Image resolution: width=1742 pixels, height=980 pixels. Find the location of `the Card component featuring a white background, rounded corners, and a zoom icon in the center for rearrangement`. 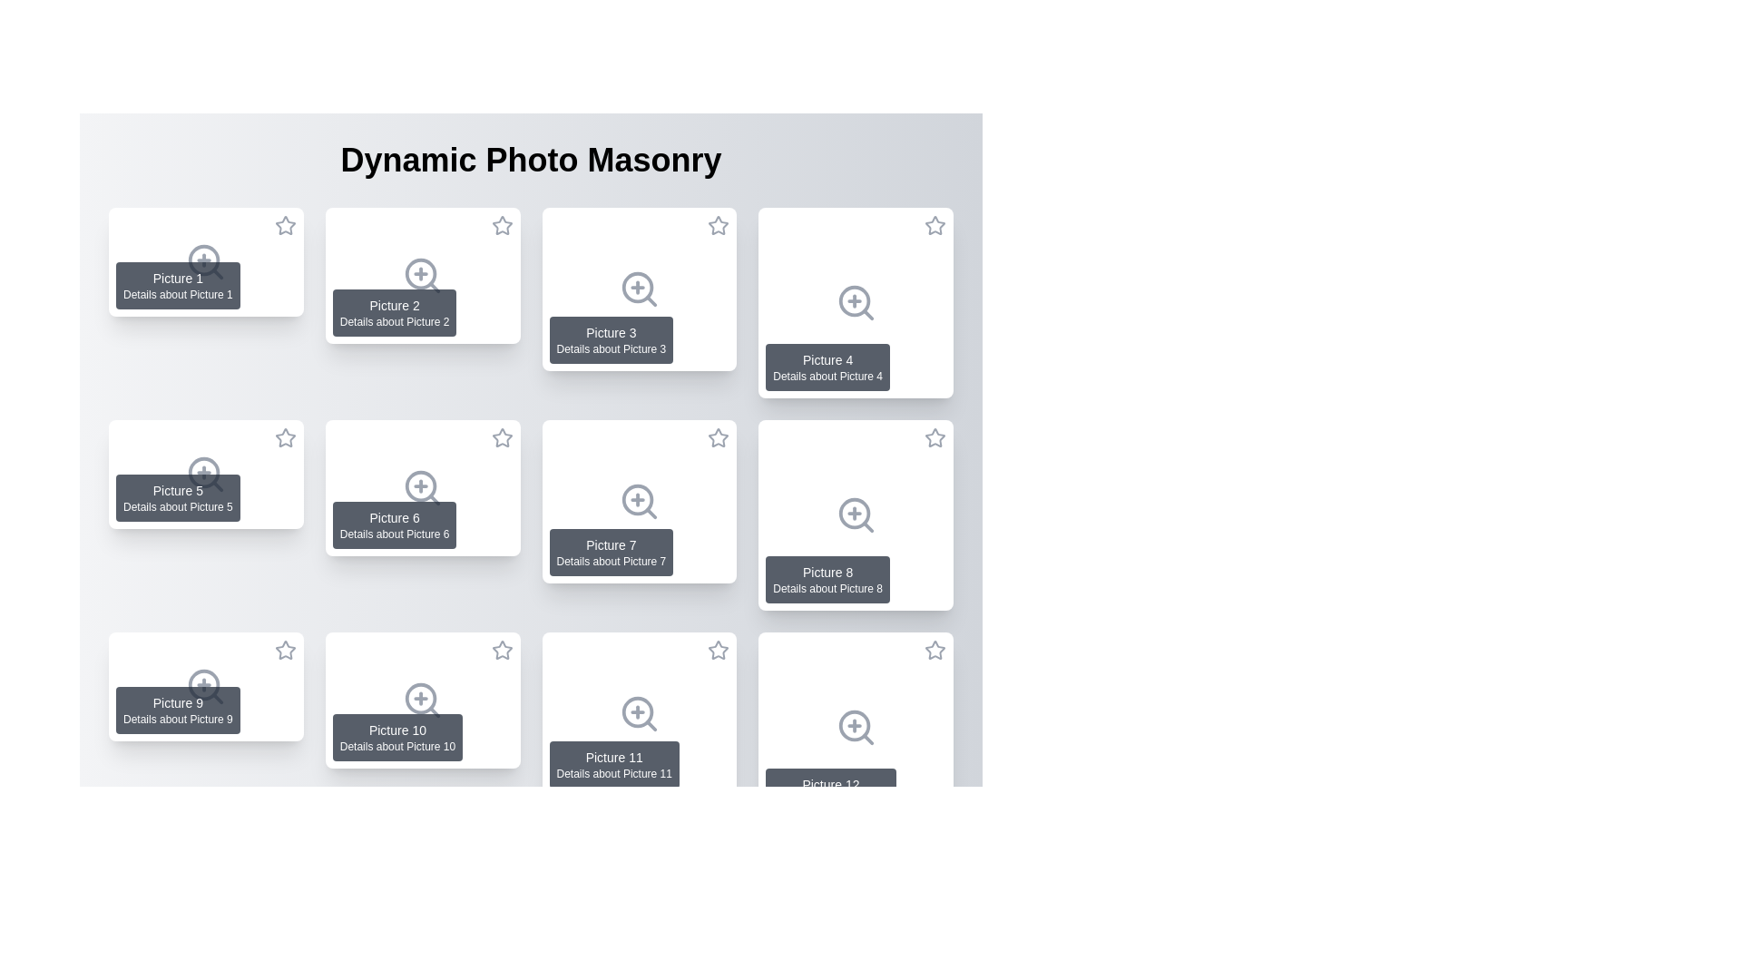

the Card component featuring a white background, rounded corners, and a zoom icon in the center for rearrangement is located at coordinates (639, 712).